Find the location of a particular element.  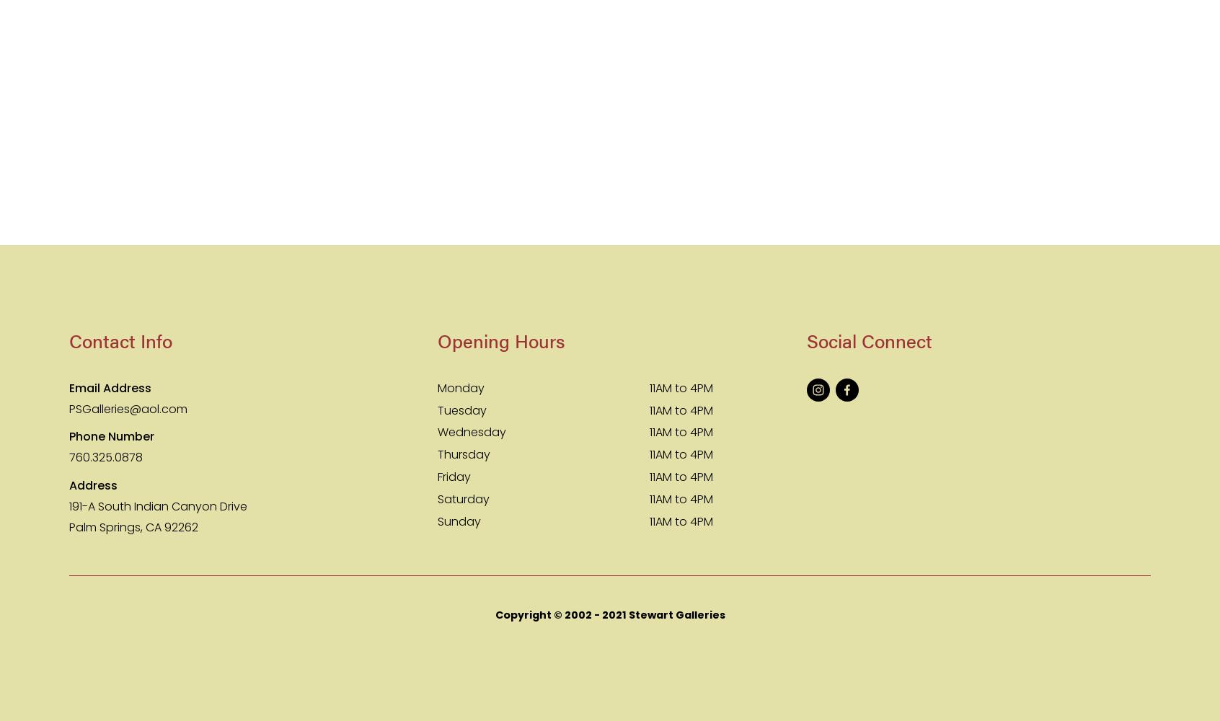

'Phone Number' is located at coordinates (68, 435).